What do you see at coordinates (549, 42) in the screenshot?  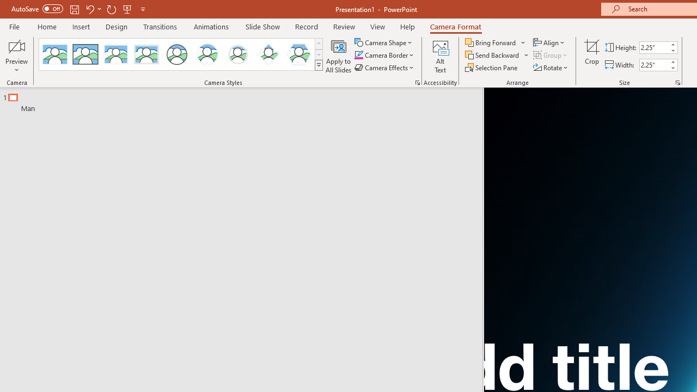 I see `'Align'` at bounding box center [549, 42].